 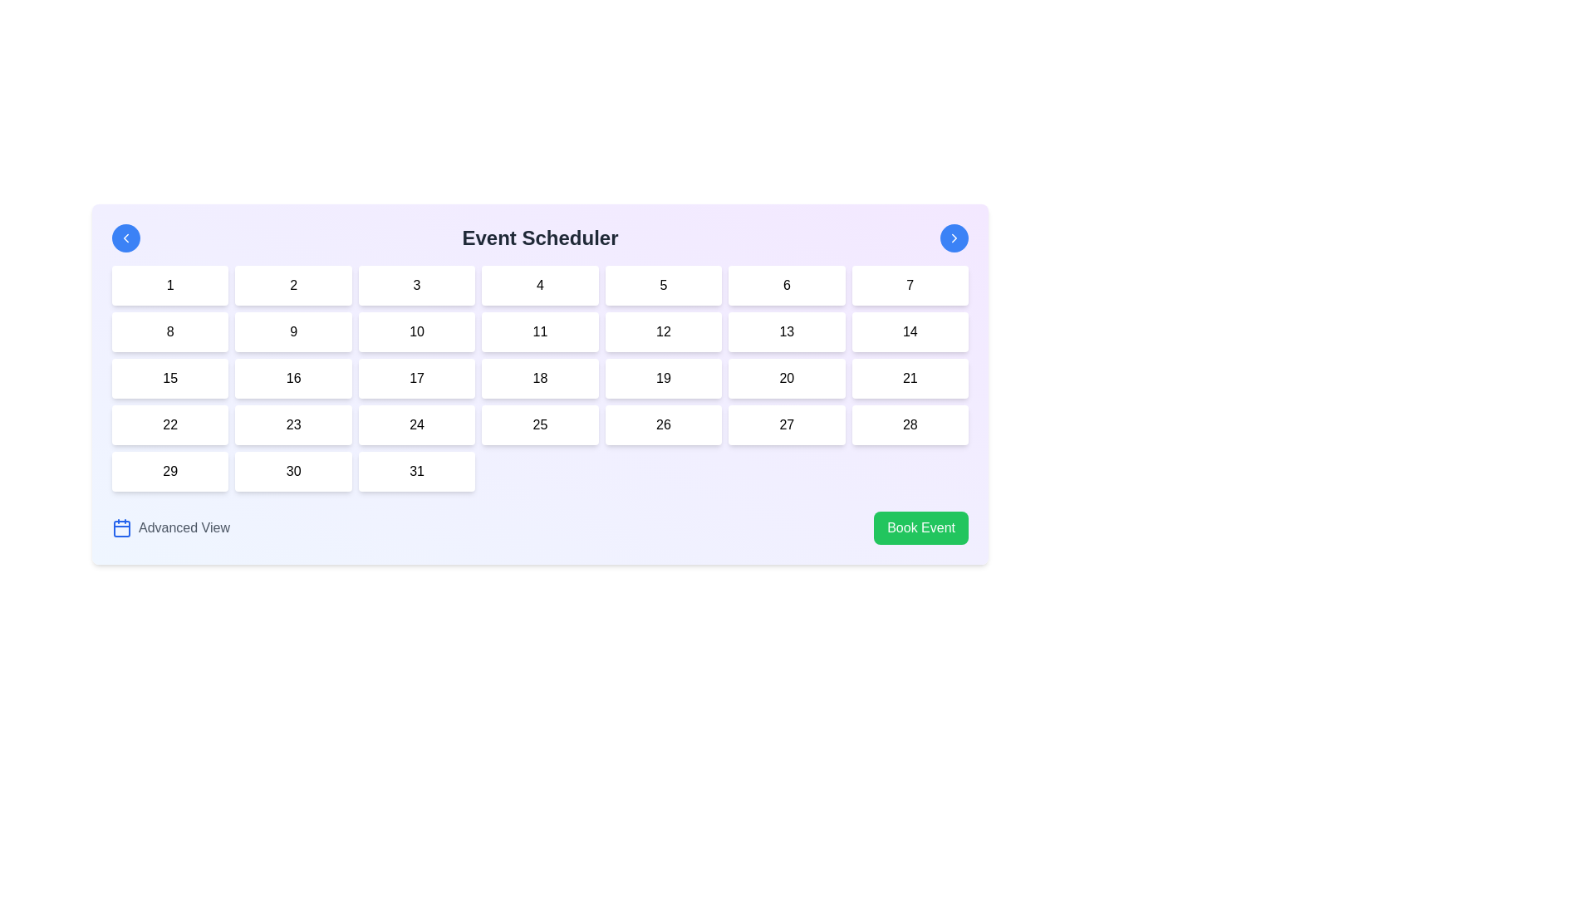 What do you see at coordinates (121, 528) in the screenshot?
I see `the central decorative icon part of the calendar icon located in the bottom left corner, which is part of the 'Advanced View' label` at bounding box center [121, 528].